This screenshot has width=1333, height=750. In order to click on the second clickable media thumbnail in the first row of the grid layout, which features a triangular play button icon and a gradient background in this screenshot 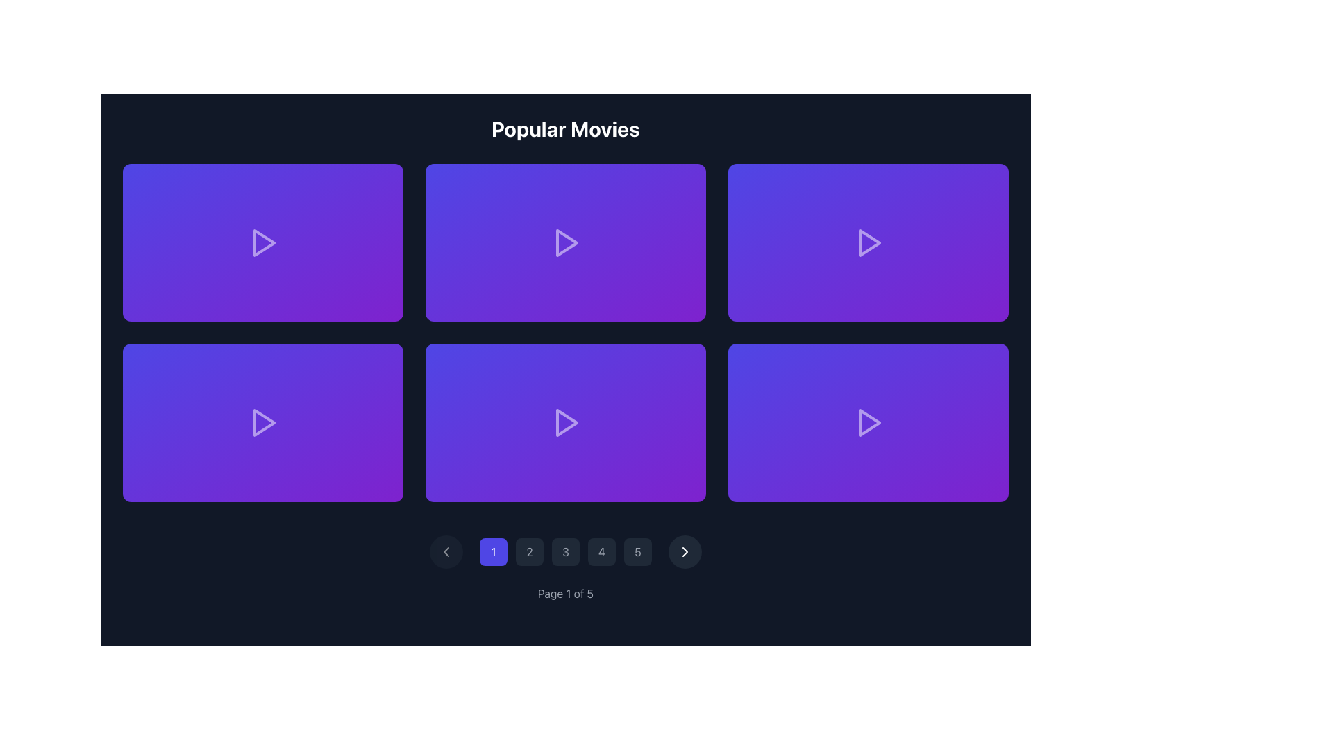, I will do `click(566, 241)`.